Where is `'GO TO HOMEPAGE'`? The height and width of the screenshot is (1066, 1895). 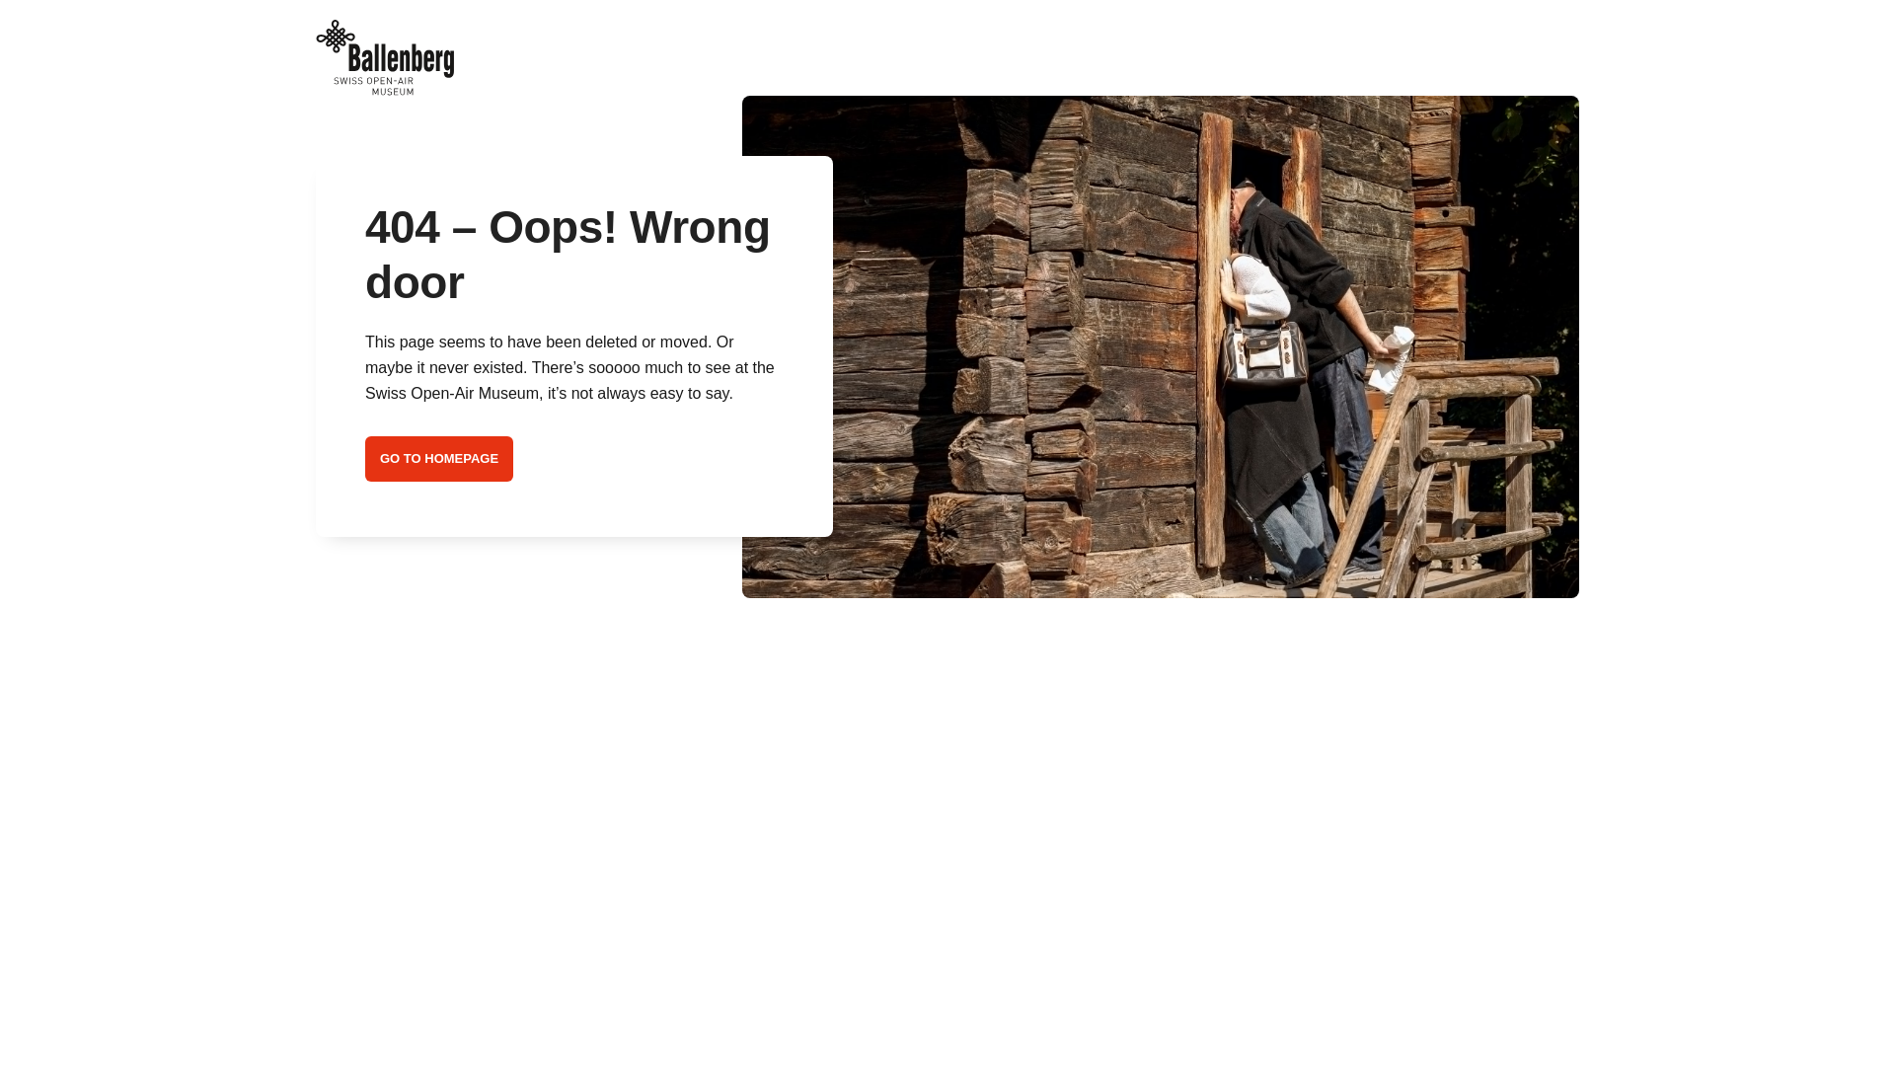
'GO TO HOMEPAGE' is located at coordinates (438, 459).